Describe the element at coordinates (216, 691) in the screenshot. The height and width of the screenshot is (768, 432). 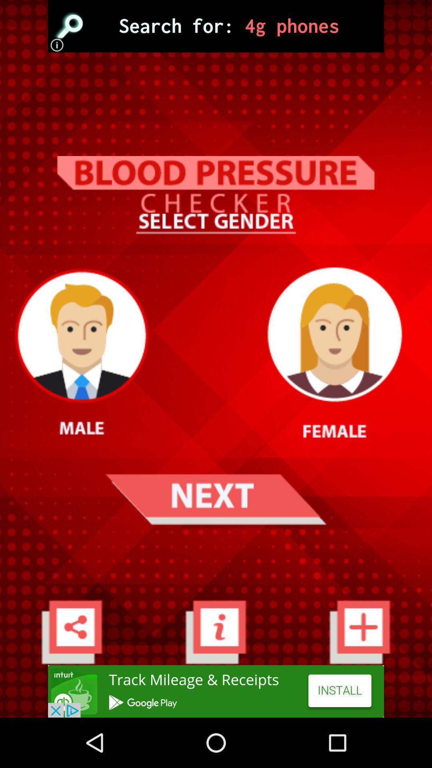
I see `share the article` at that location.